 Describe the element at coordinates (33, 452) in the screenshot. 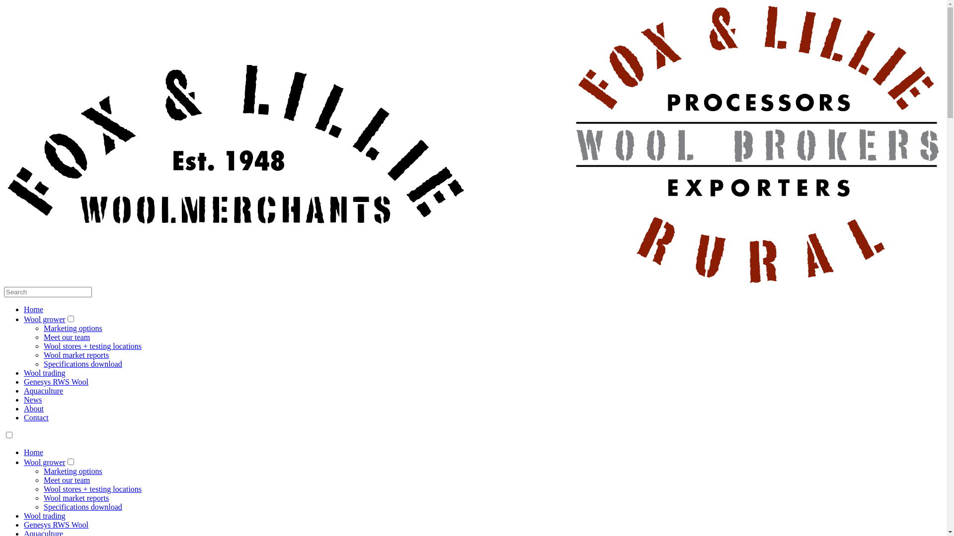

I see `'Home'` at that location.